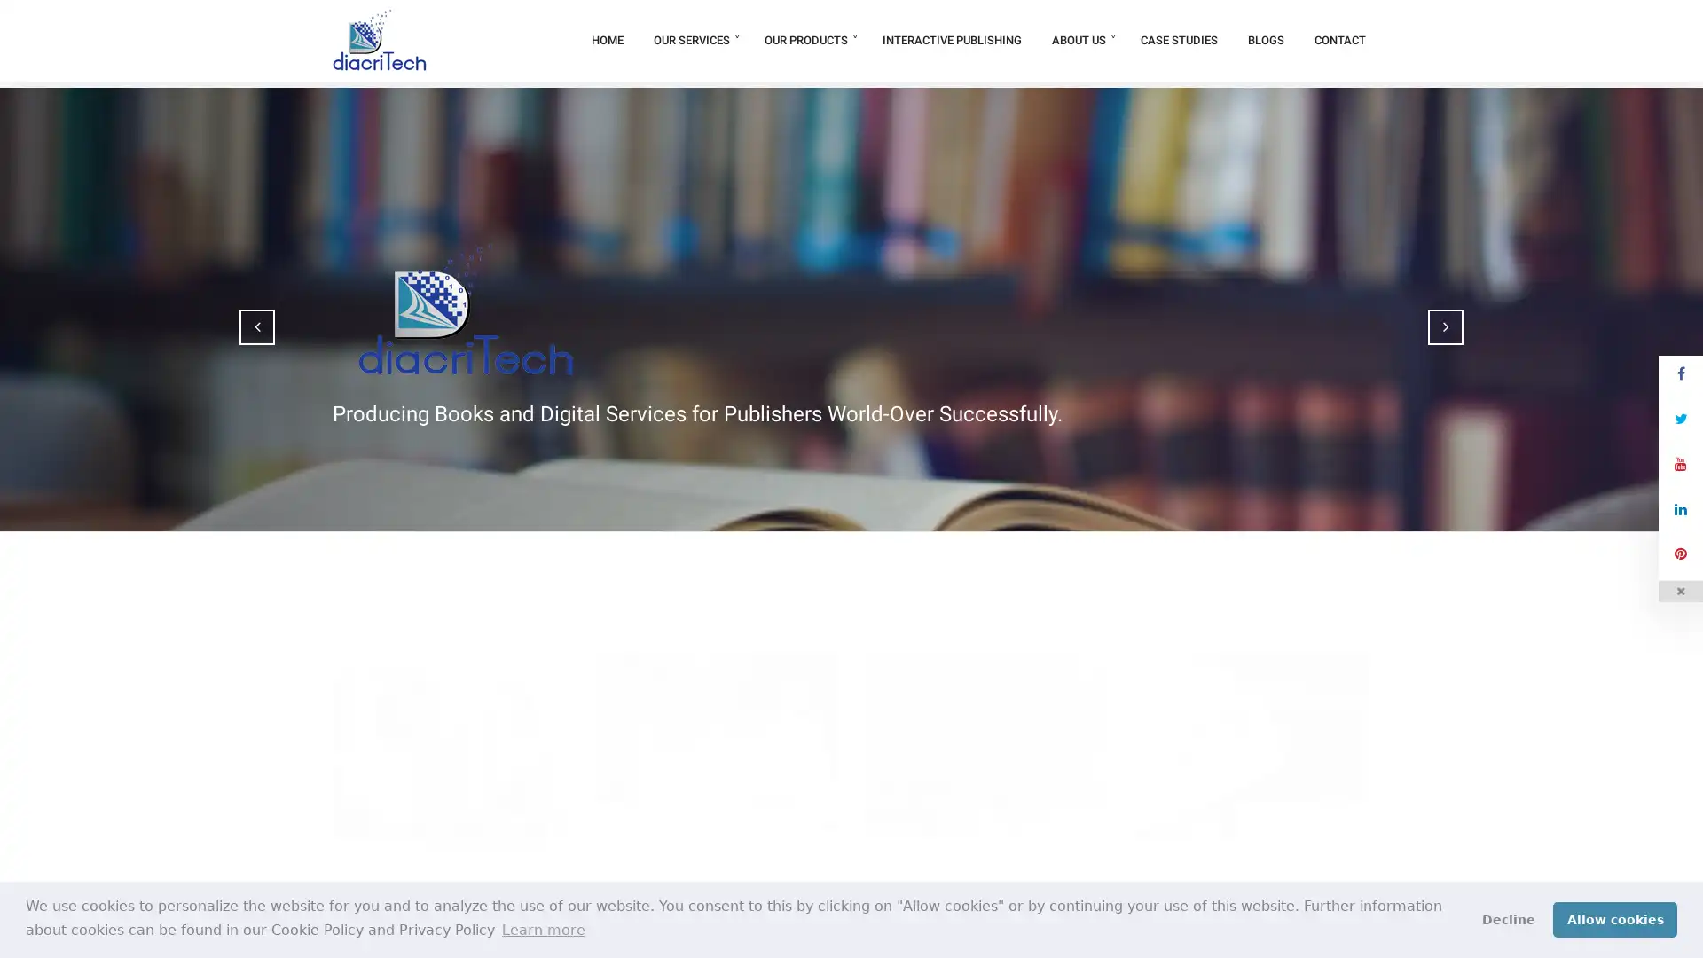 This screenshot has width=1703, height=958. What do you see at coordinates (1614, 918) in the screenshot?
I see `allow cookies` at bounding box center [1614, 918].